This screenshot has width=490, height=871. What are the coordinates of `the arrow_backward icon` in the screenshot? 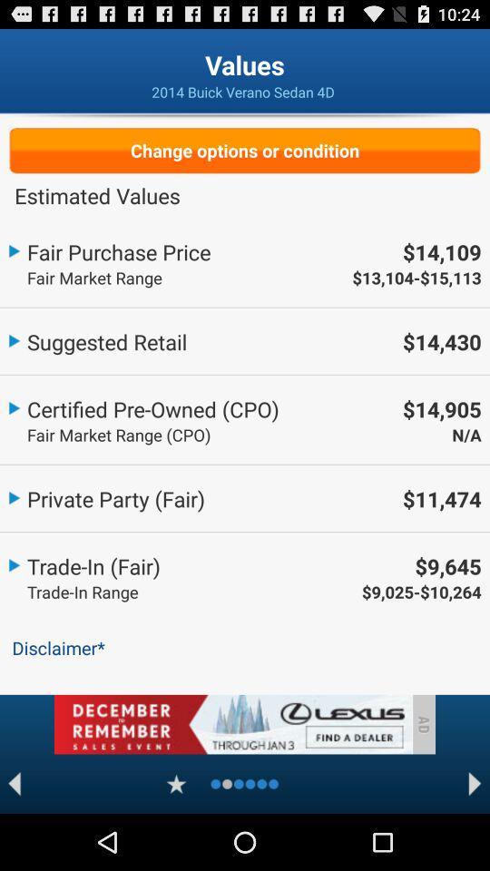 It's located at (14, 838).